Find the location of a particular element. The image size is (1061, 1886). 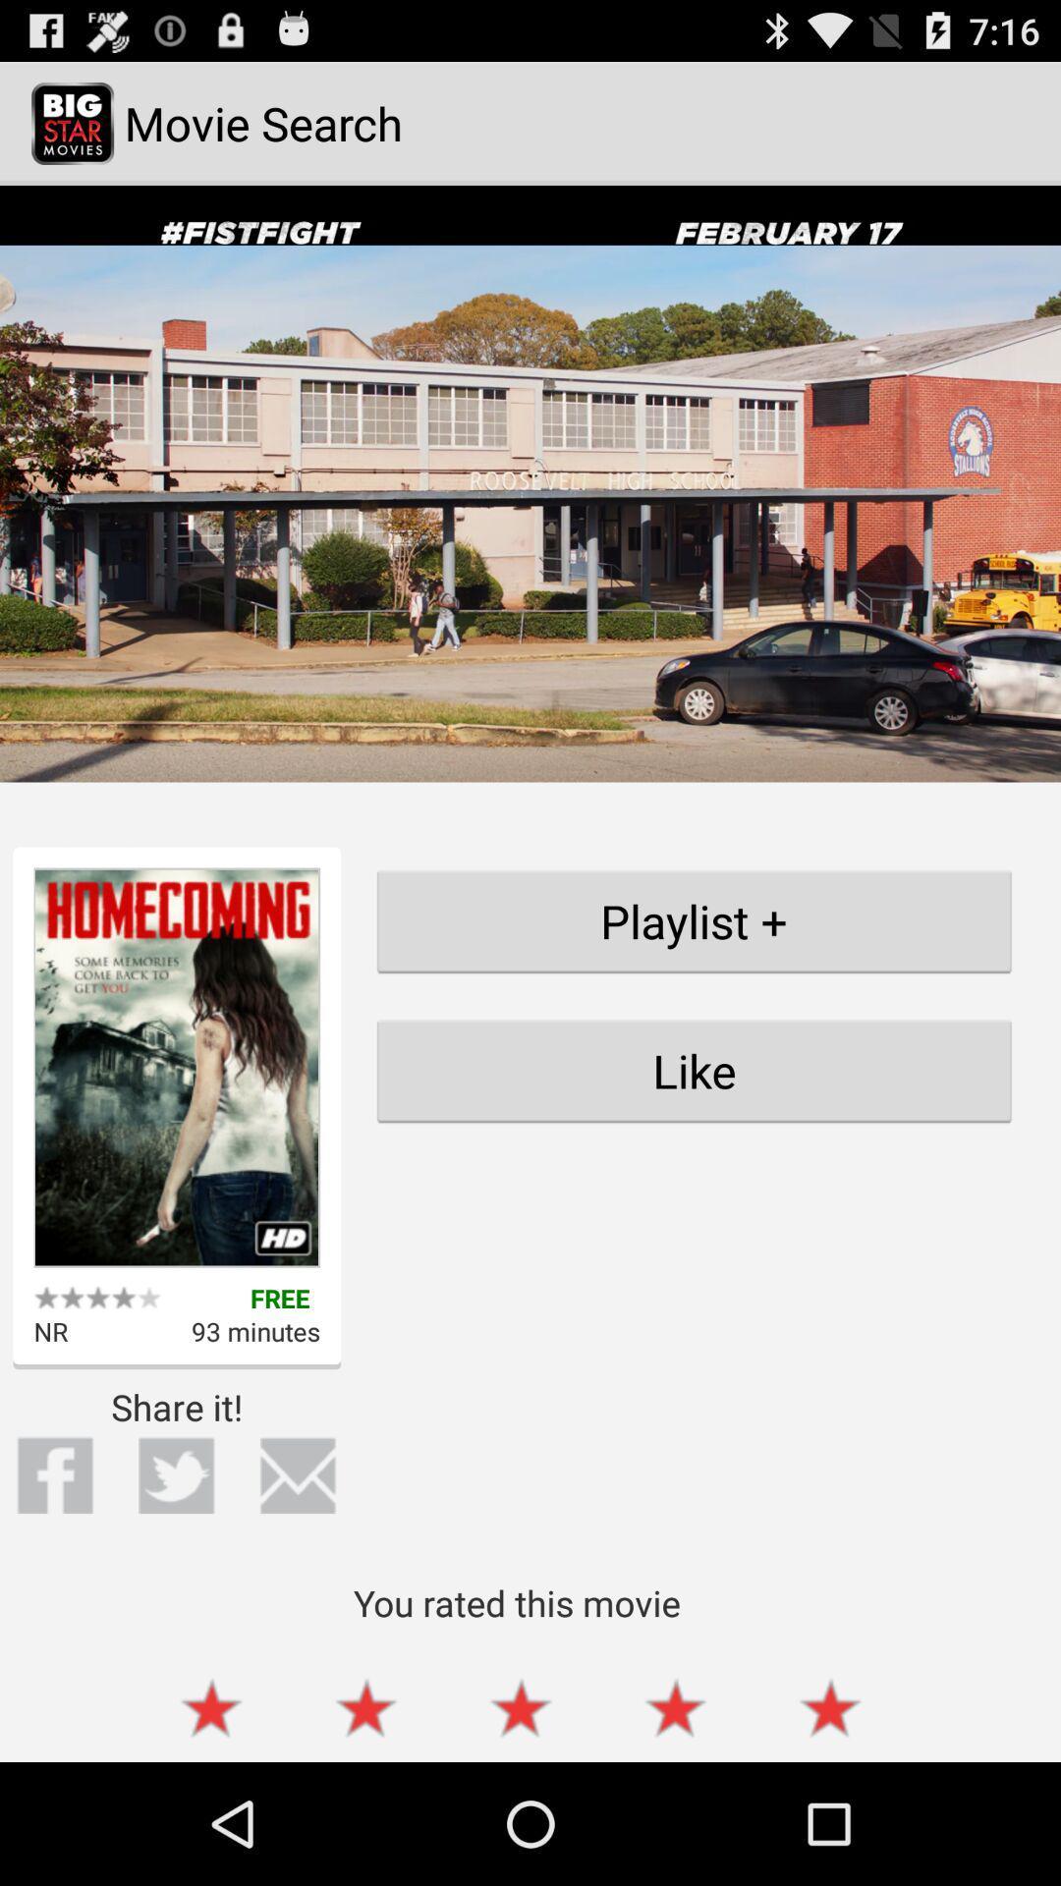

the facebook icon is located at coordinates (54, 1579).